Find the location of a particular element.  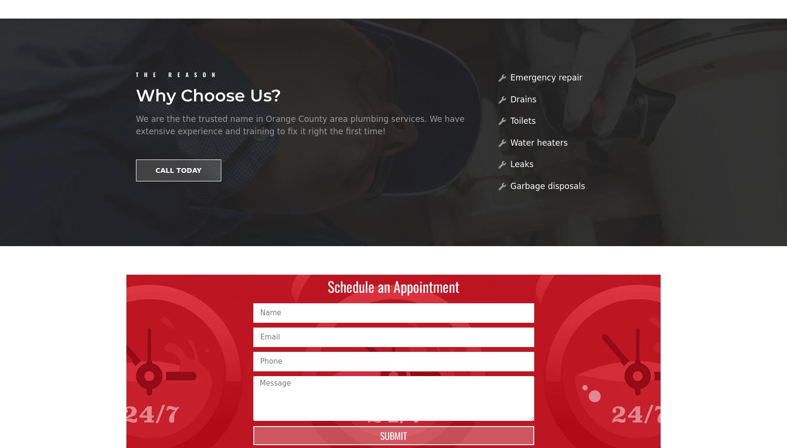

'Drains' is located at coordinates (523, 99).